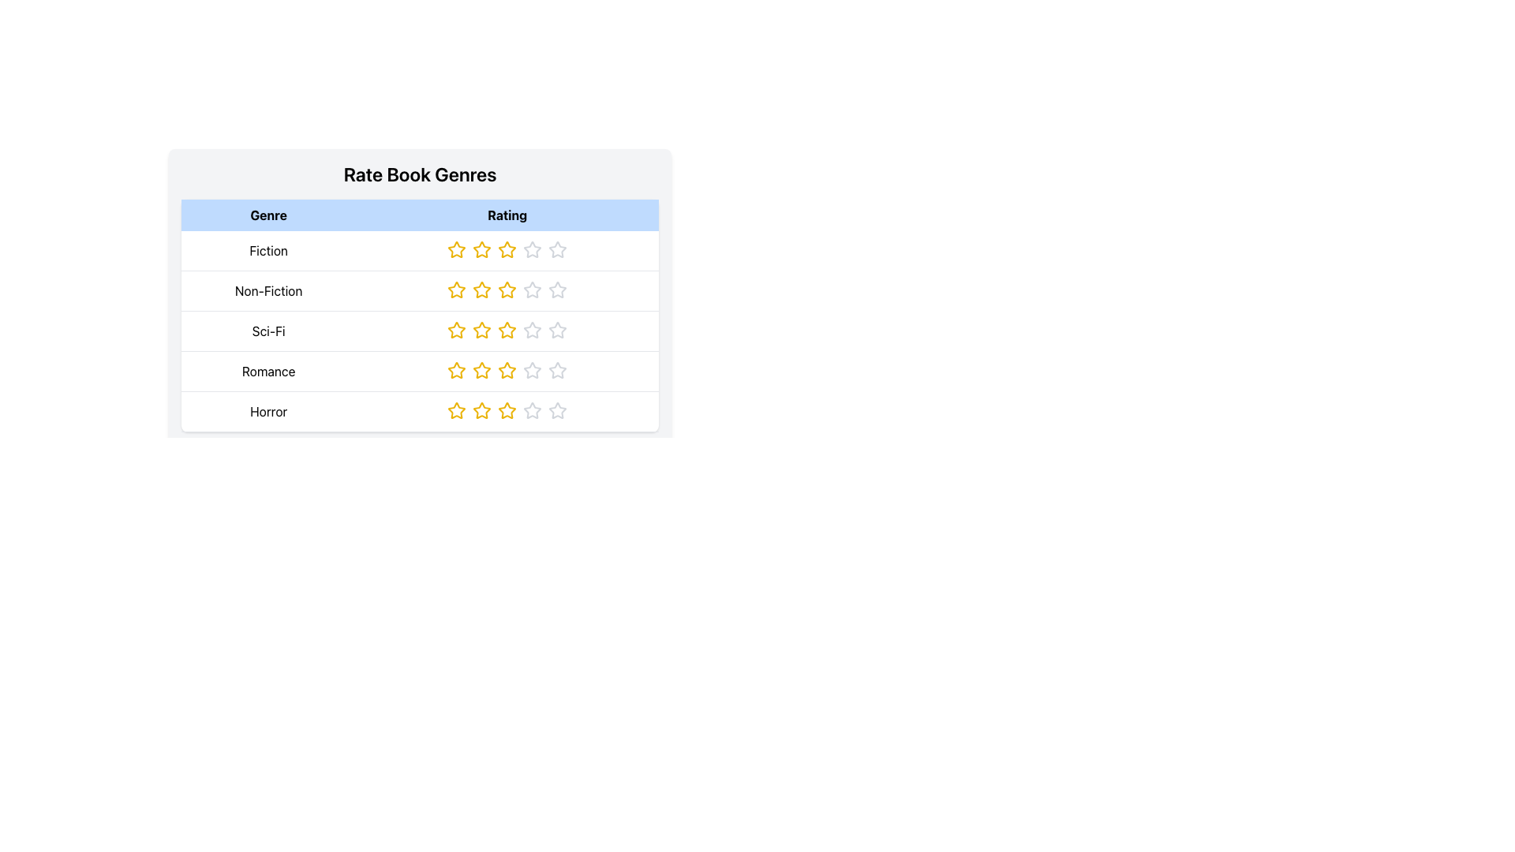 The height and width of the screenshot is (852, 1515). I want to click on the fourth star in the five-star rating scale under the 'Rating' column, so click(533, 409).